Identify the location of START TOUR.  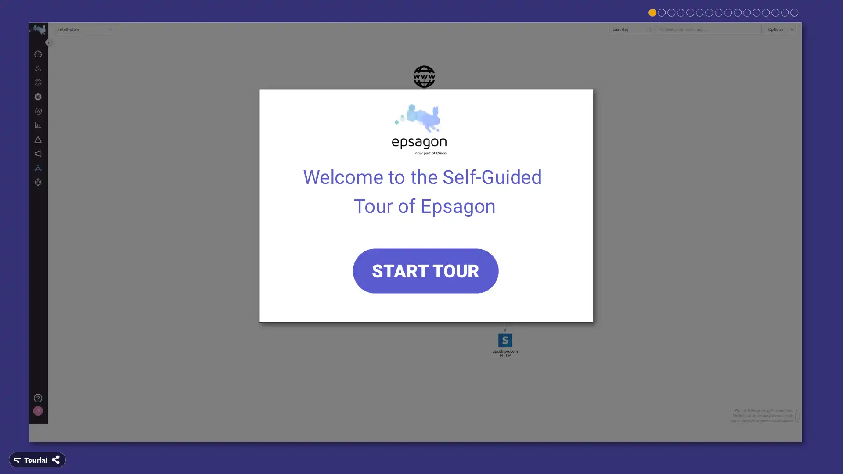
(425, 270).